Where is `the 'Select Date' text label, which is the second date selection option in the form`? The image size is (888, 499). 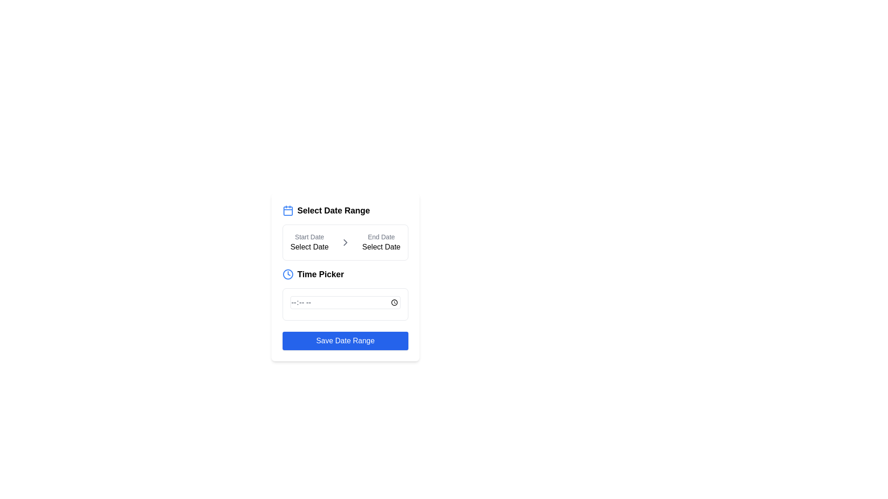 the 'Select Date' text label, which is the second date selection option in the form is located at coordinates (381, 242).